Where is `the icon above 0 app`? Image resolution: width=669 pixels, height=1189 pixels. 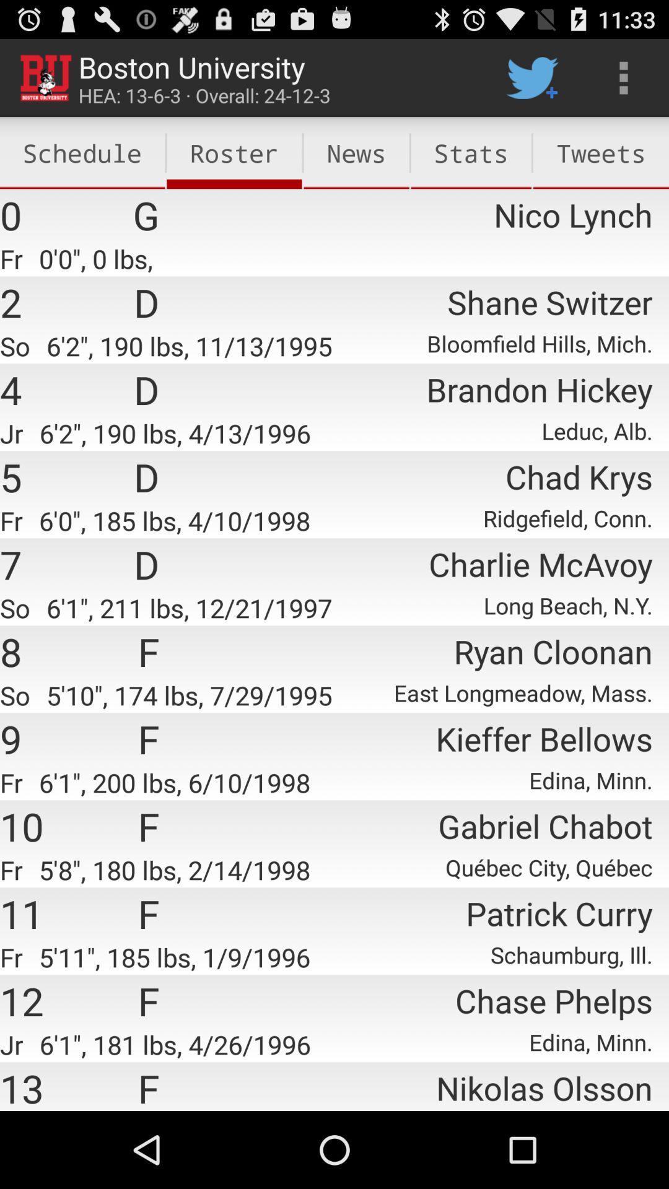
the icon above 0 app is located at coordinates (82, 152).